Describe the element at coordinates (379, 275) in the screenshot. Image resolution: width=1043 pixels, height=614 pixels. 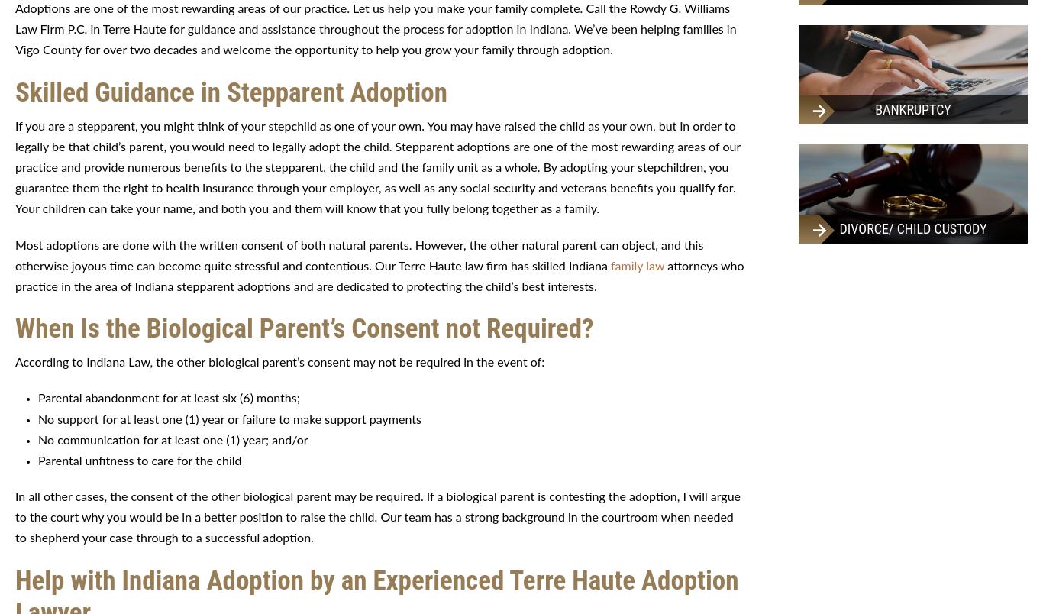
I see `'attorneys who practice in the area of Indiana stepparent adoptions and are dedicated to protecting the child’s best interests.'` at that location.